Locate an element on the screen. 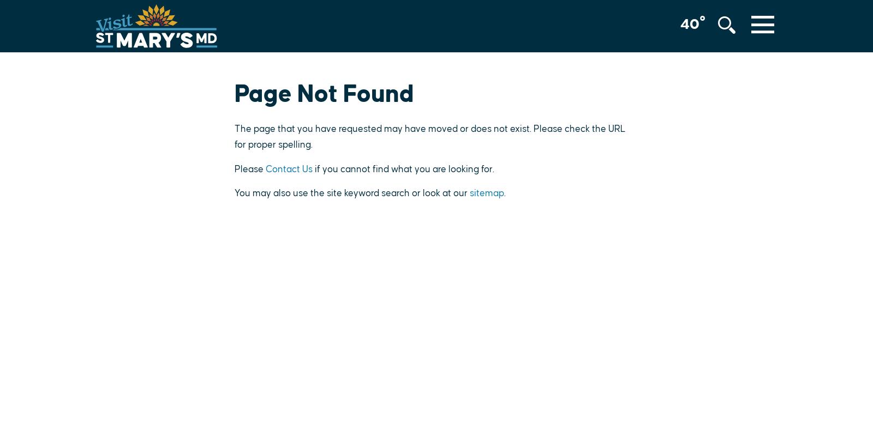 The height and width of the screenshot is (448, 873). 'Page Not Found' is located at coordinates (324, 94).